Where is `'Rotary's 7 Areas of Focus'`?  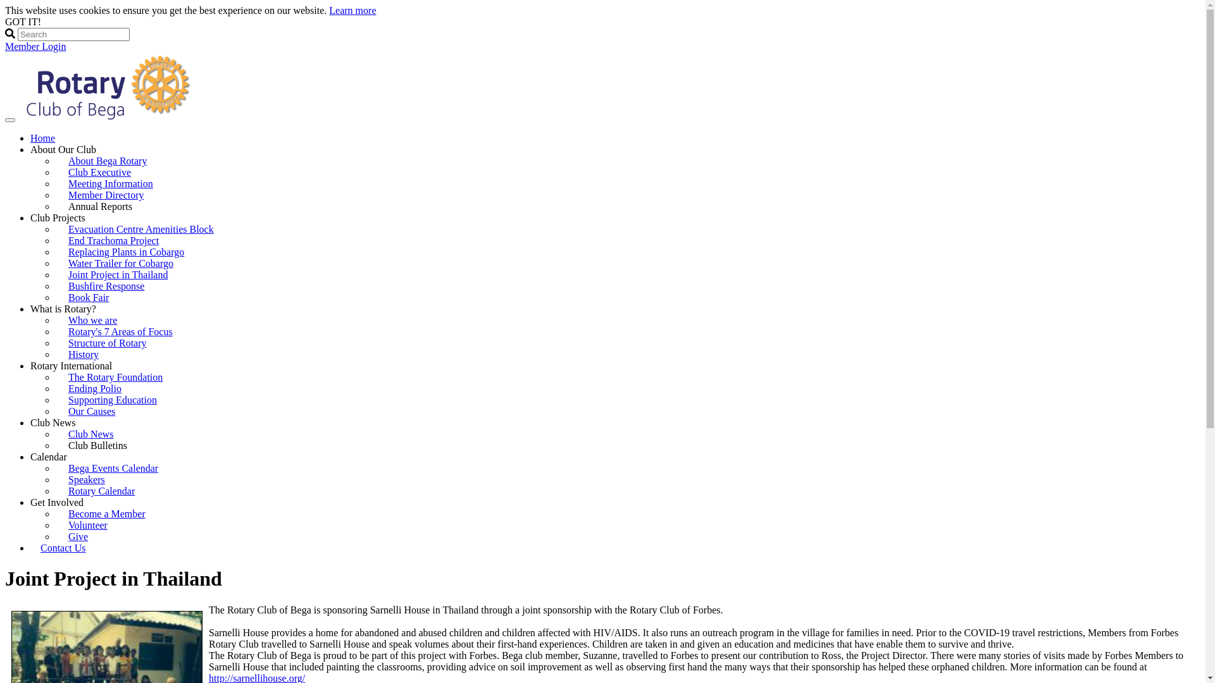 'Rotary's 7 Areas of Focus' is located at coordinates (120, 331).